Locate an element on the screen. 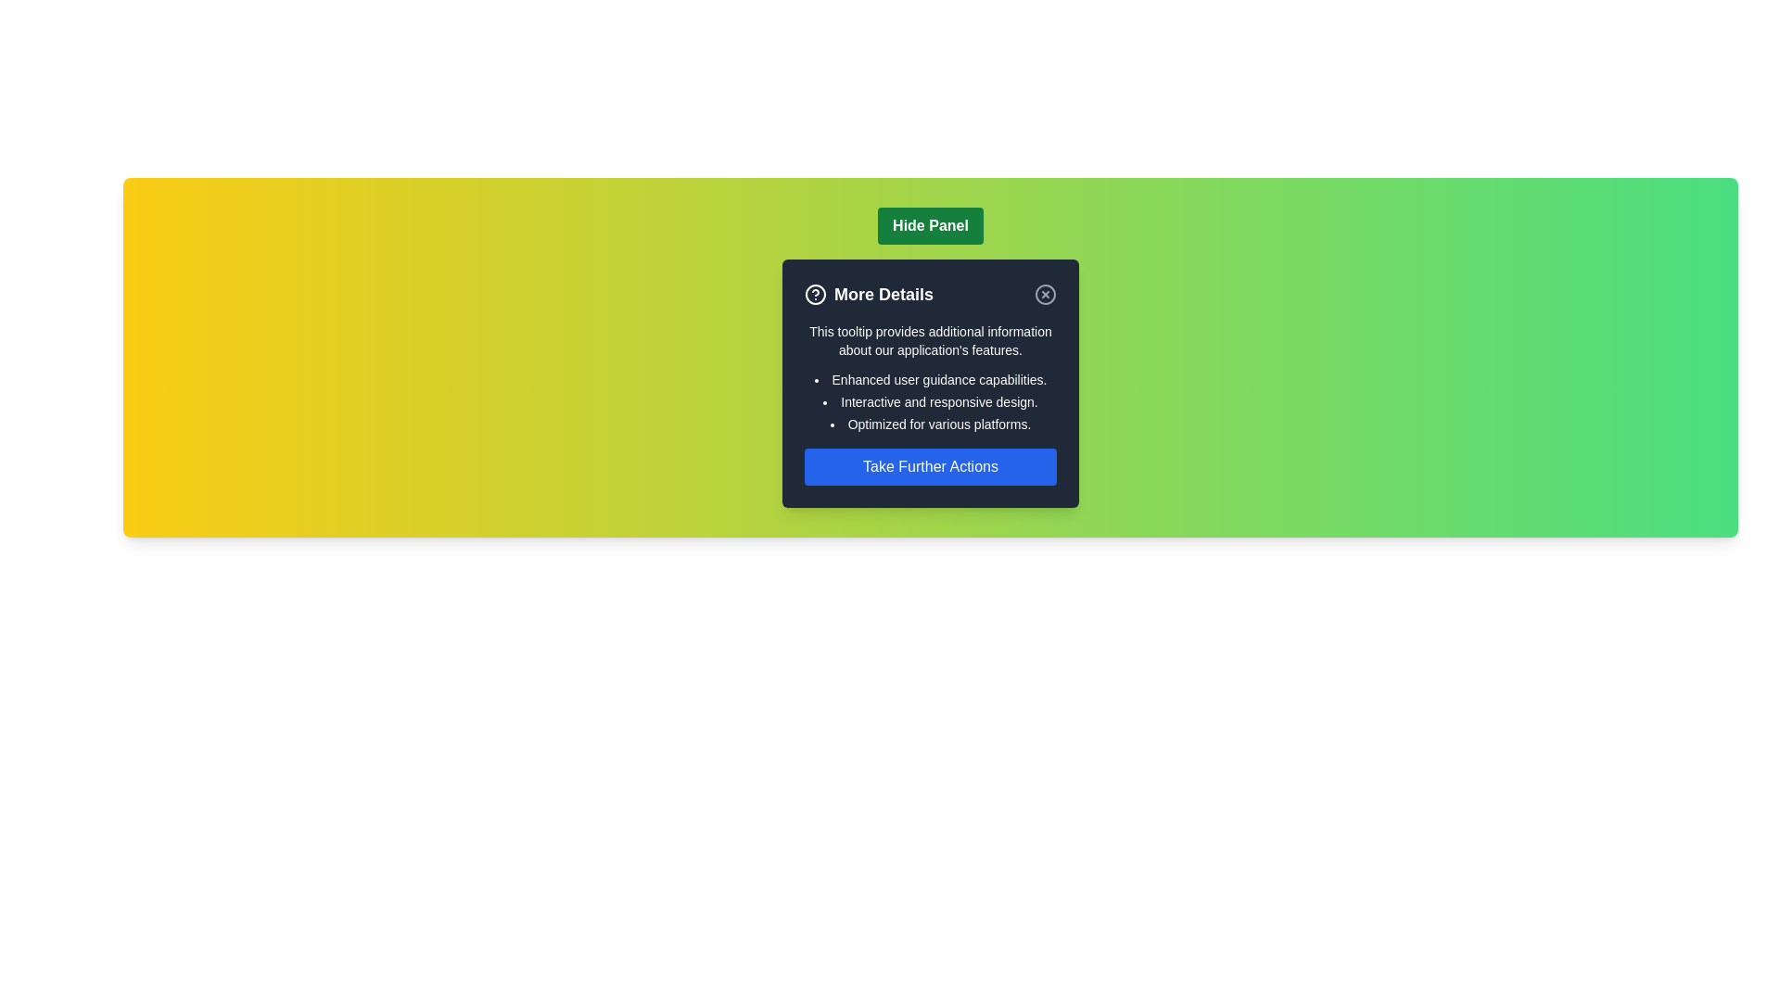  the text label that reads 'Optimized for various platforms.' which is the third item in the ordered list of a tooltip titled 'More Details.' is located at coordinates (930, 424).